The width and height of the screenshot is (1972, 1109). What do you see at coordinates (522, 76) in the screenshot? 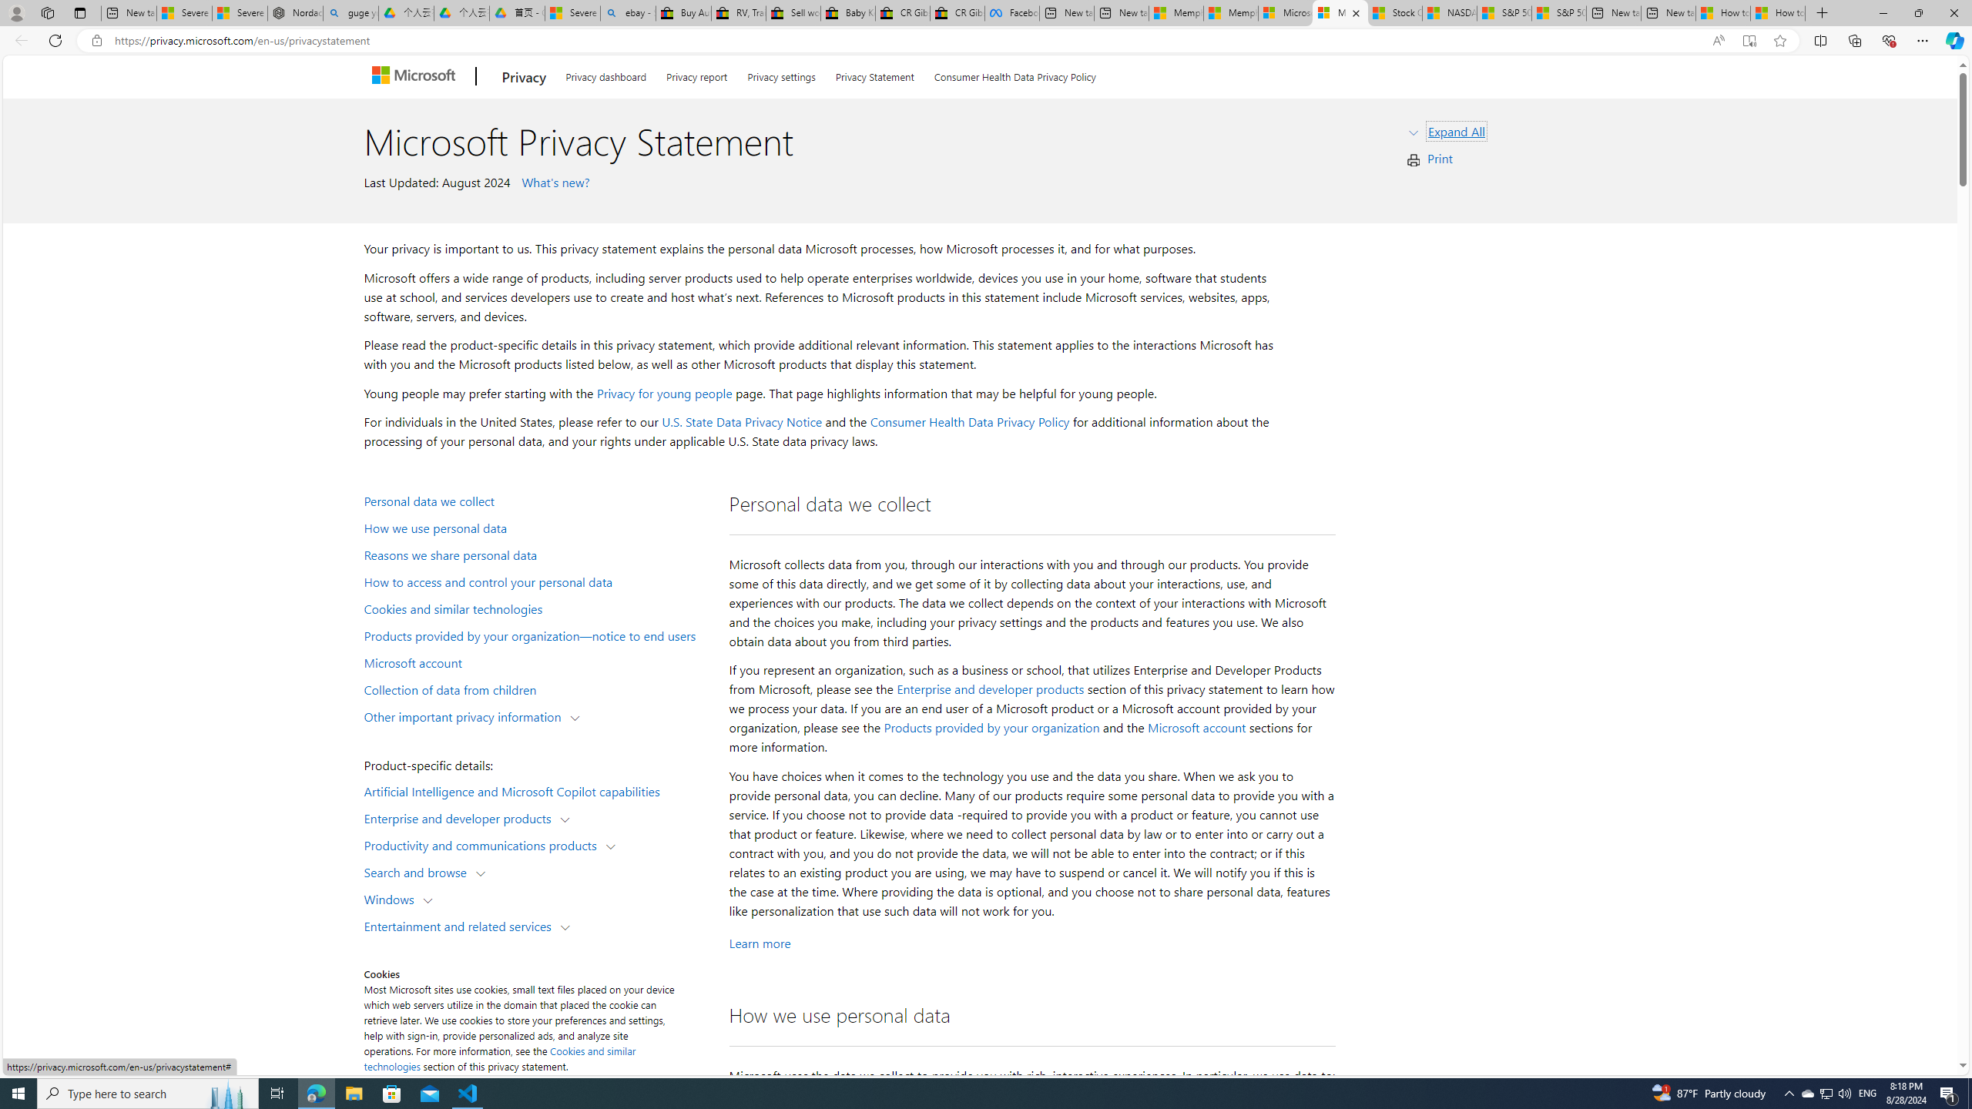
I see `'Privacy'` at bounding box center [522, 76].